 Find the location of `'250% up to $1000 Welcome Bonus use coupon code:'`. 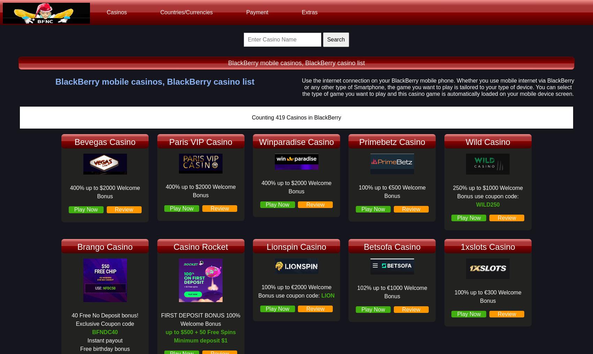

'250% up to $1000 Welcome Bonus use coupon code:' is located at coordinates (487, 191).